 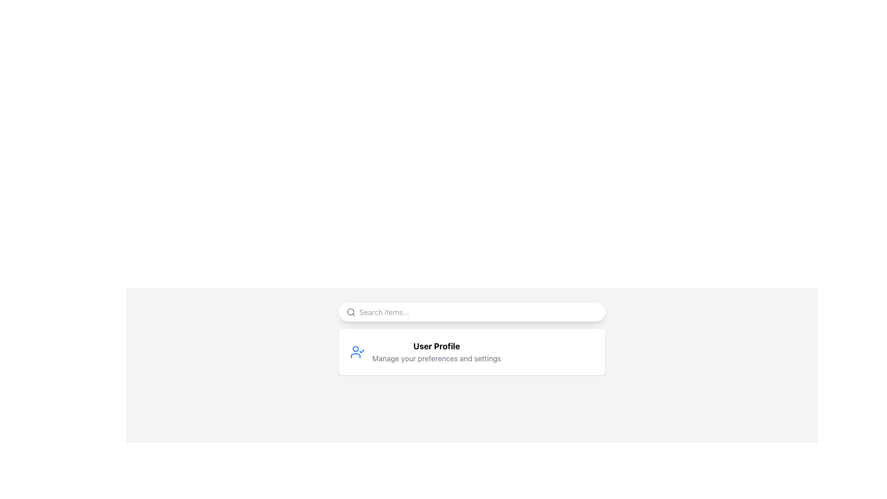 I want to click on the text label reading 'Manage your preferences and settings', which is located beneath the bold title 'User Profile' within a white card, so click(x=436, y=358).